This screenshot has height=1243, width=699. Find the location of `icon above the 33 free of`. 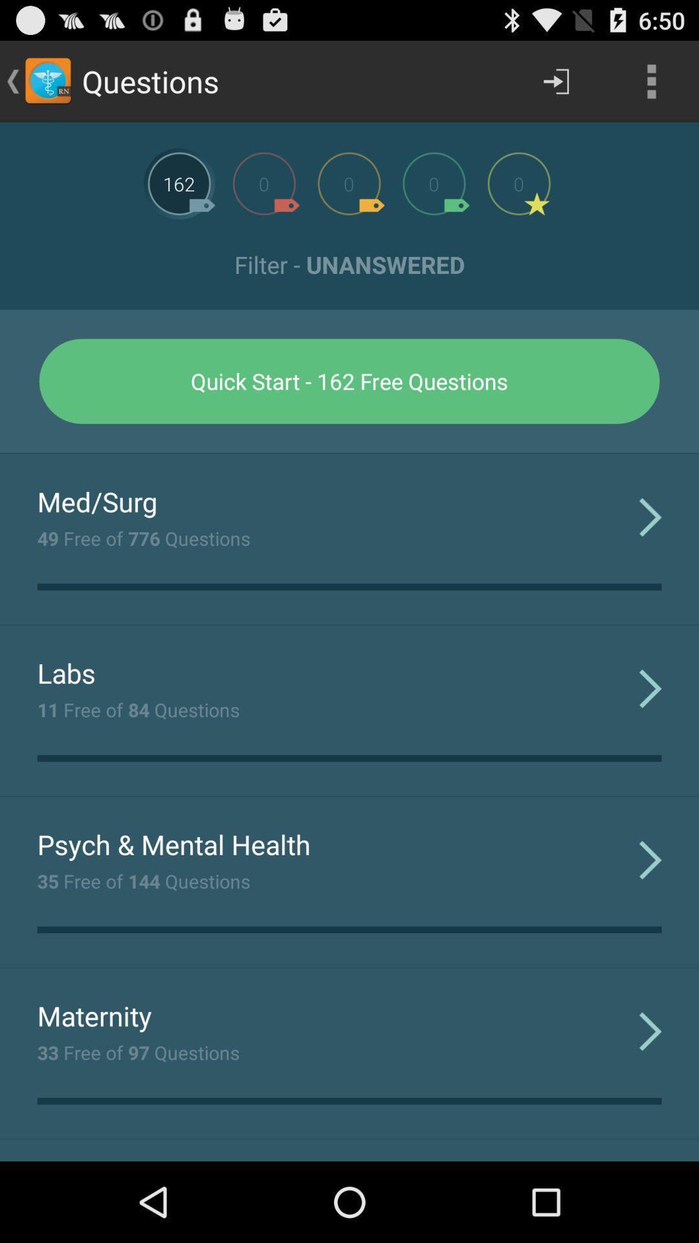

icon above the 33 free of is located at coordinates (94, 1015).